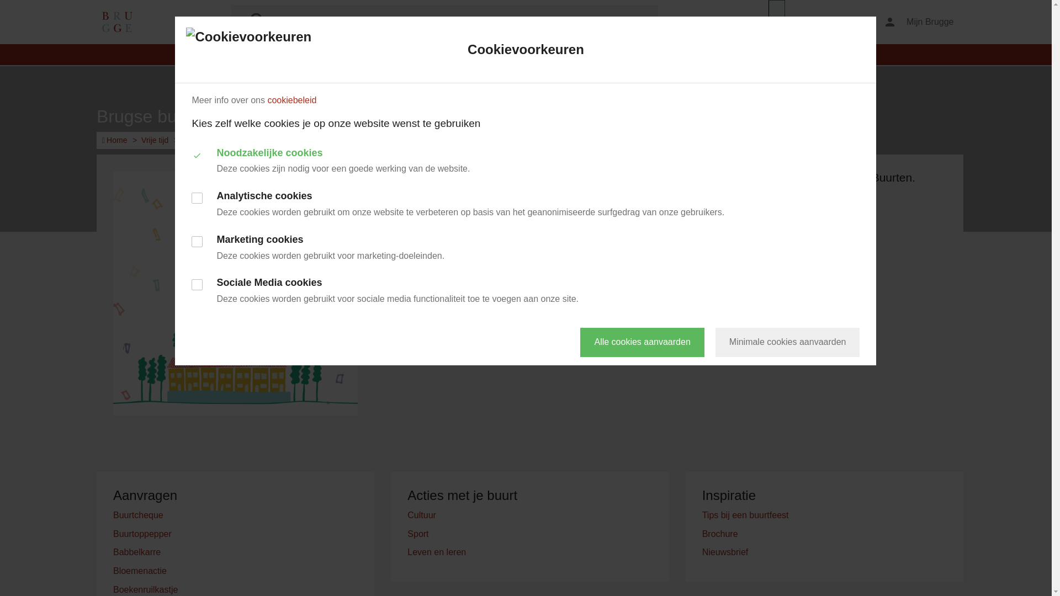 This screenshot has height=596, width=1060. What do you see at coordinates (787, 342) in the screenshot?
I see `'Minimale cookies aanvaarden'` at bounding box center [787, 342].